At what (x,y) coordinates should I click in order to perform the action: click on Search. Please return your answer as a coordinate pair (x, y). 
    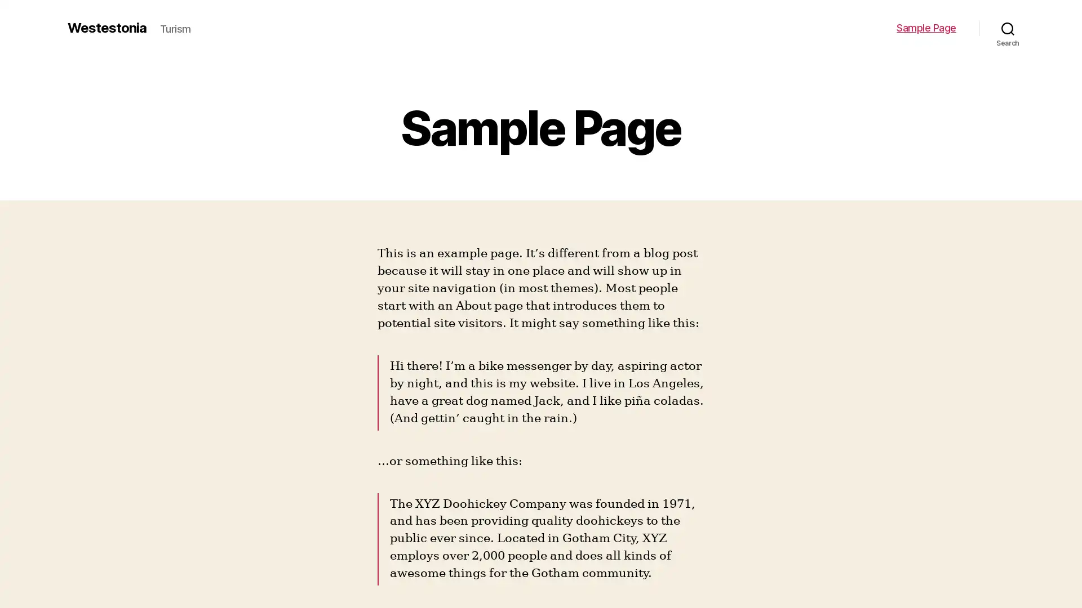
    Looking at the image, I should click on (1008, 28).